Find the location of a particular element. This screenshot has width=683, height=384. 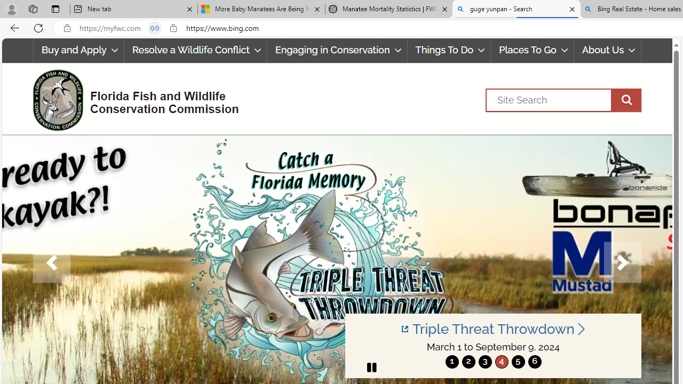

'Things To Do' is located at coordinates (449, 50).